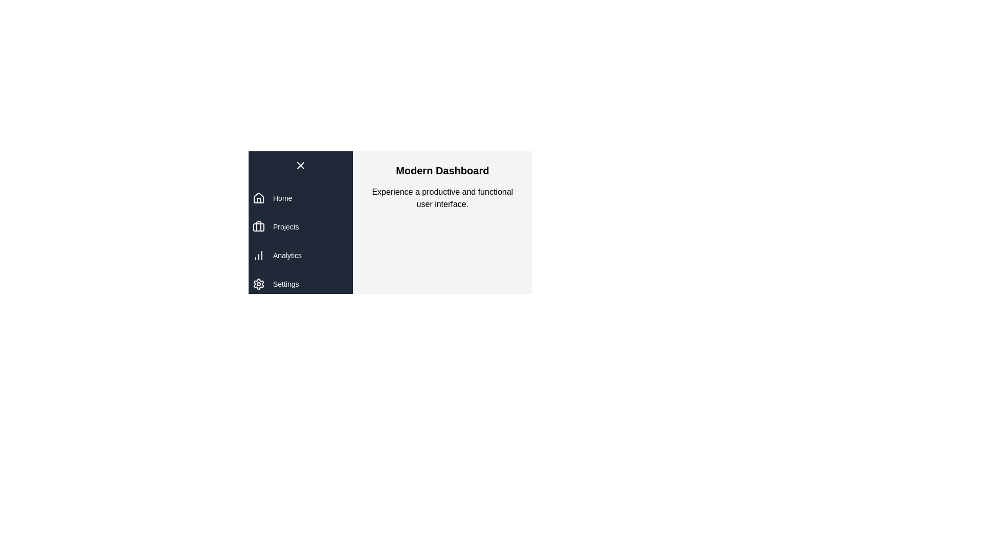  Describe the element at coordinates (286, 284) in the screenshot. I see `the navigation item Settings to navigate to the corresponding section` at that location.